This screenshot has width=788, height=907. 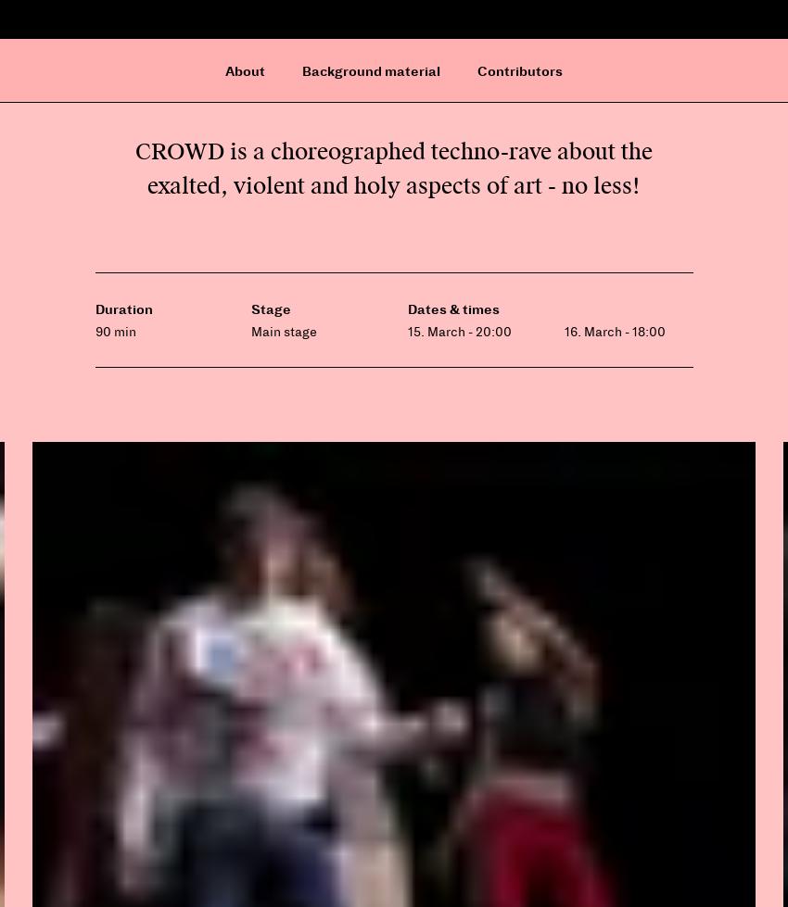 What do you see at coordinates (394, 168) in the screenshot?
I see `'CROWD is a choreographed techno-rave about the exalted, violent and holy aspects of art - no less!'` at bounding box center [394, 168].